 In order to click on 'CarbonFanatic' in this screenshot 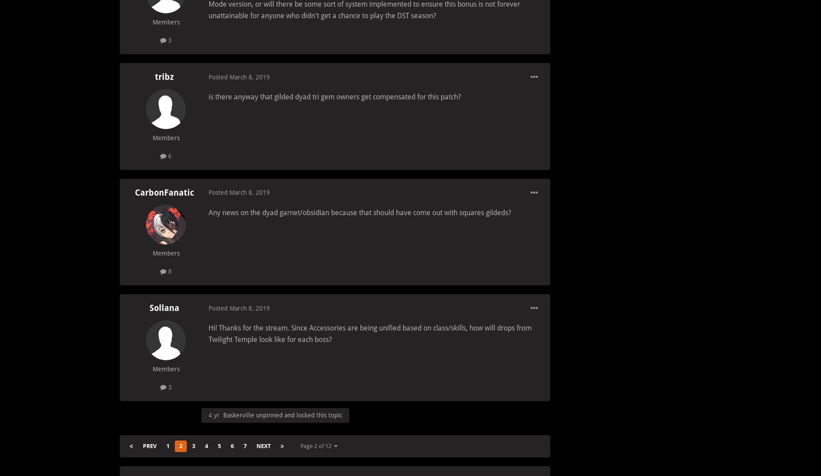, I will do `click(163, 192)`.